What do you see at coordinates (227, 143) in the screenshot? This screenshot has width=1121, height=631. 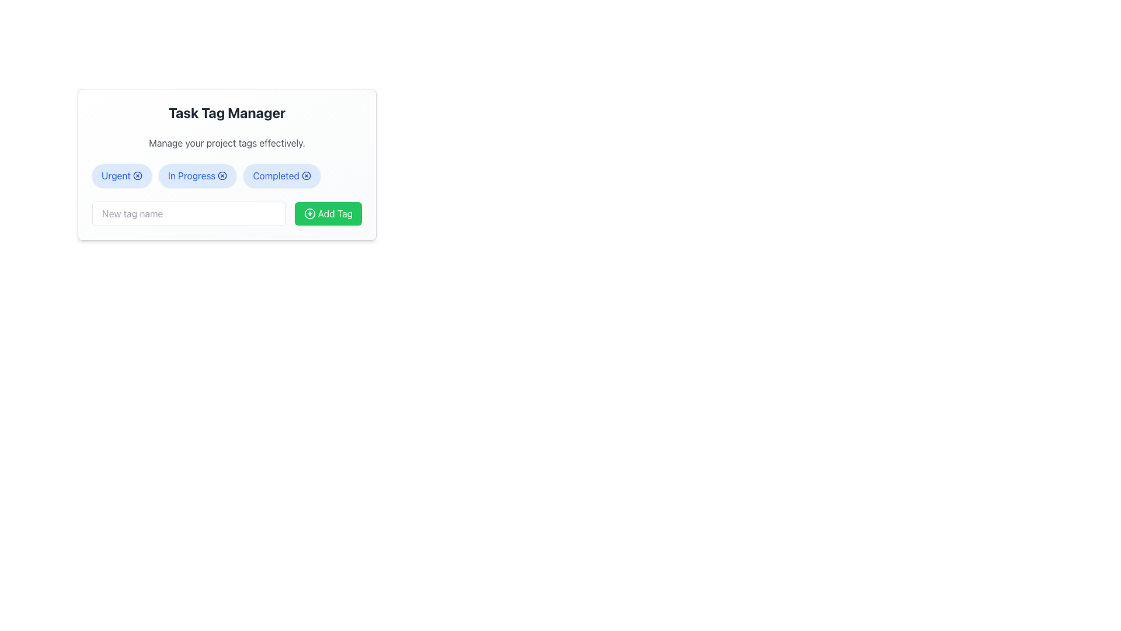 I see `the static text element reading 'Manage your project tags effectively,' which is positioned below the title 'Task Tag Manager' and above the tag management section` at bounding box center [227, 143].